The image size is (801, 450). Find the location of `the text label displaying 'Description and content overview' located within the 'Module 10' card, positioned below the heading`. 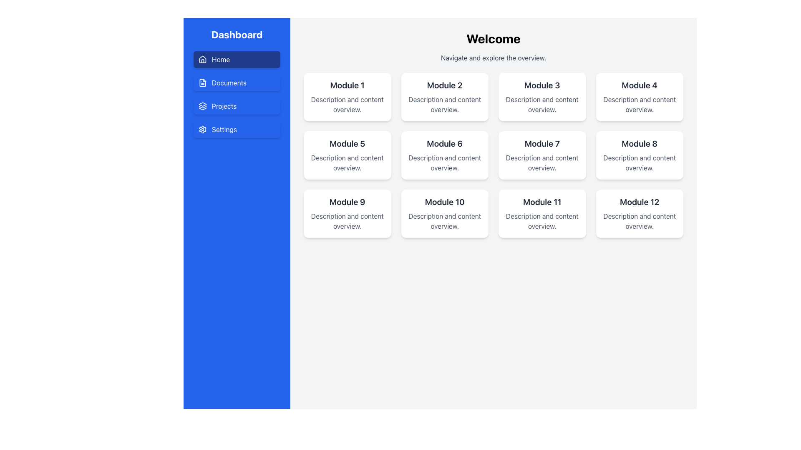

the text label displaying 'Description and content overview' located within the 'Module 10' card, positioned below the heading is located at coordinates (444, 221).